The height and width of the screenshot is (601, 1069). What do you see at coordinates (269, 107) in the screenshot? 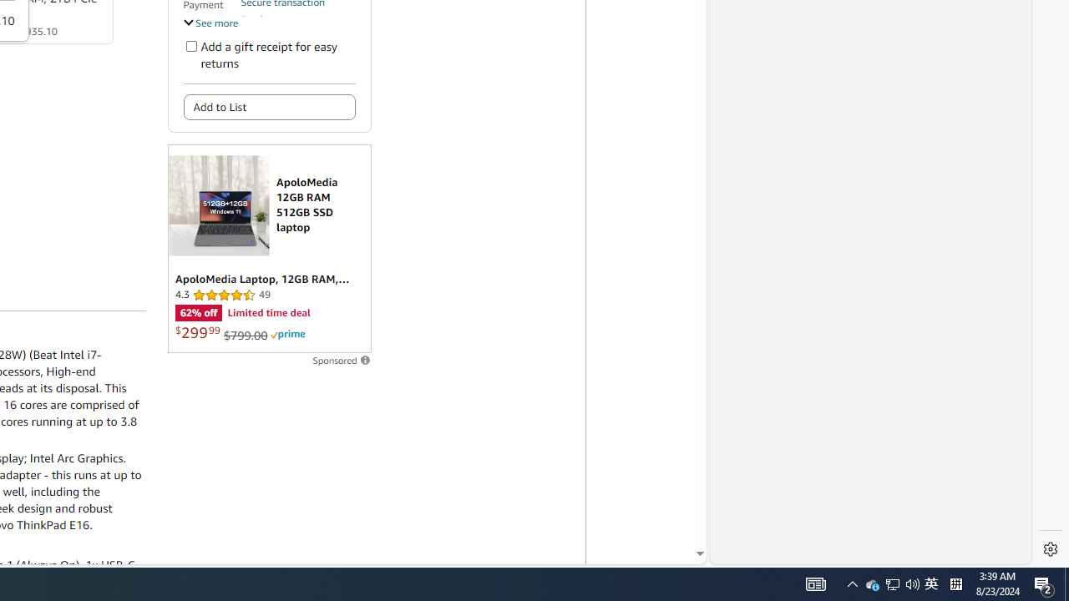
I see `'Add to List'` at bounding box center [269, 107].